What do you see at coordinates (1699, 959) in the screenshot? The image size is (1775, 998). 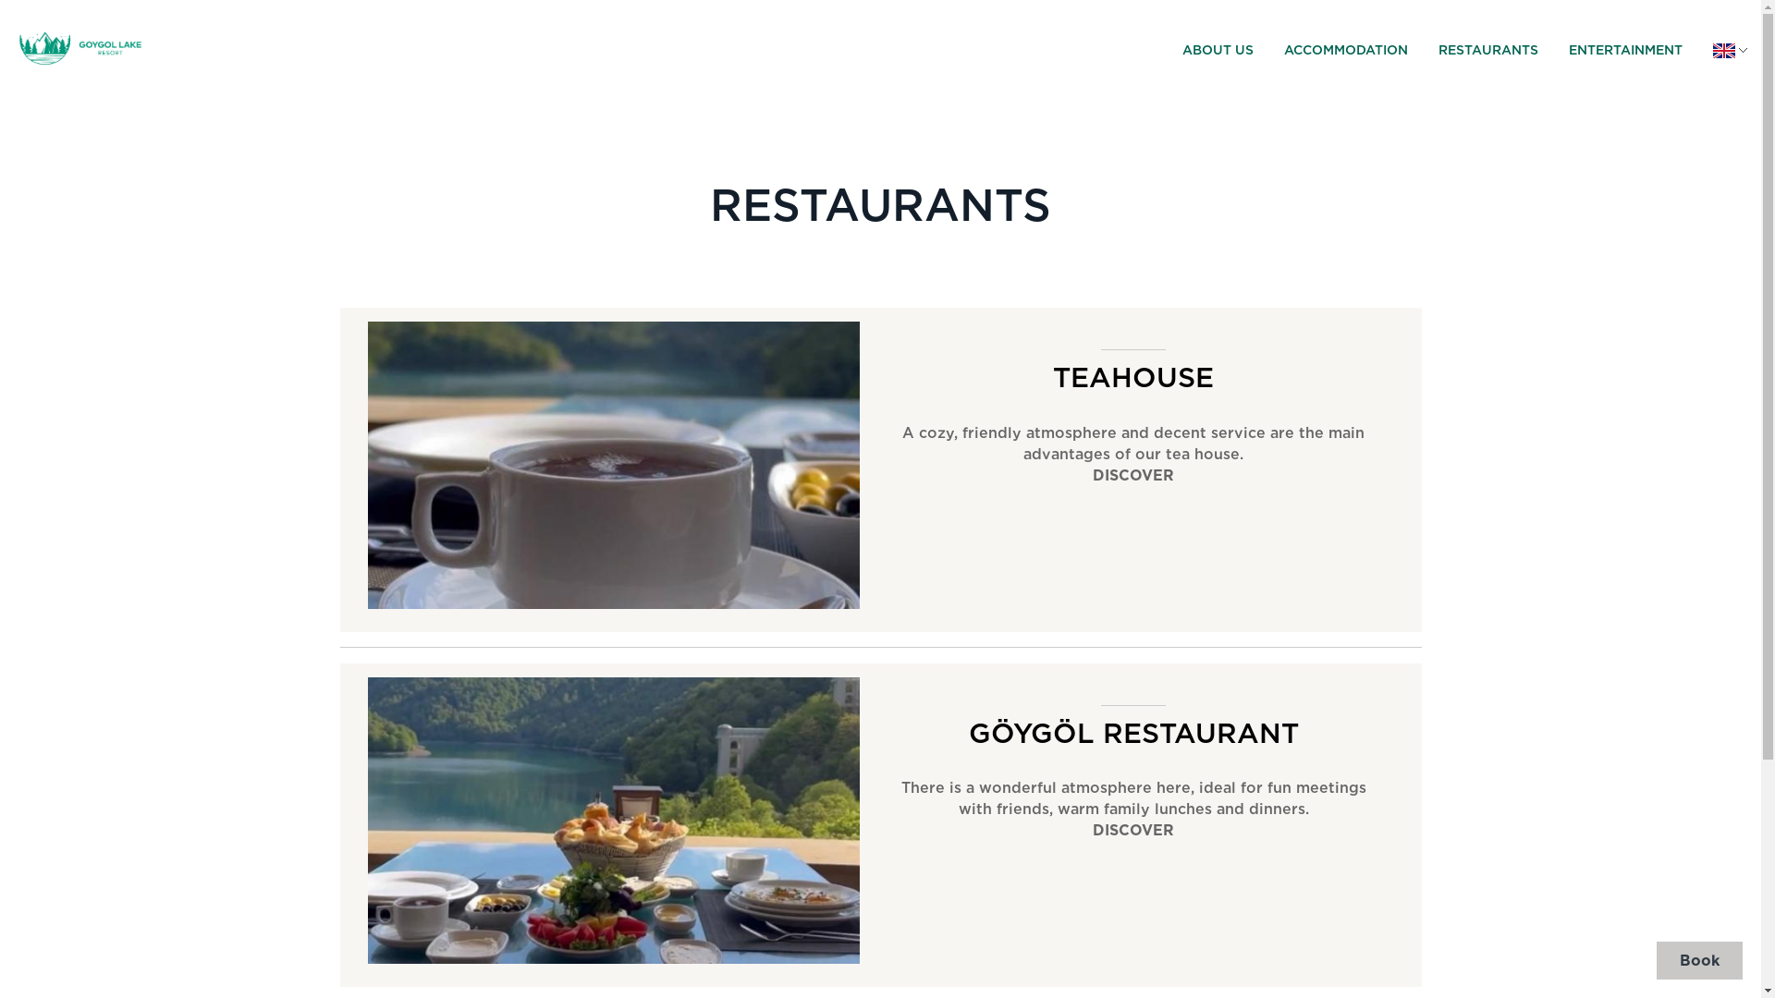 I see `'Book'` at bounding box center [1699, 959].